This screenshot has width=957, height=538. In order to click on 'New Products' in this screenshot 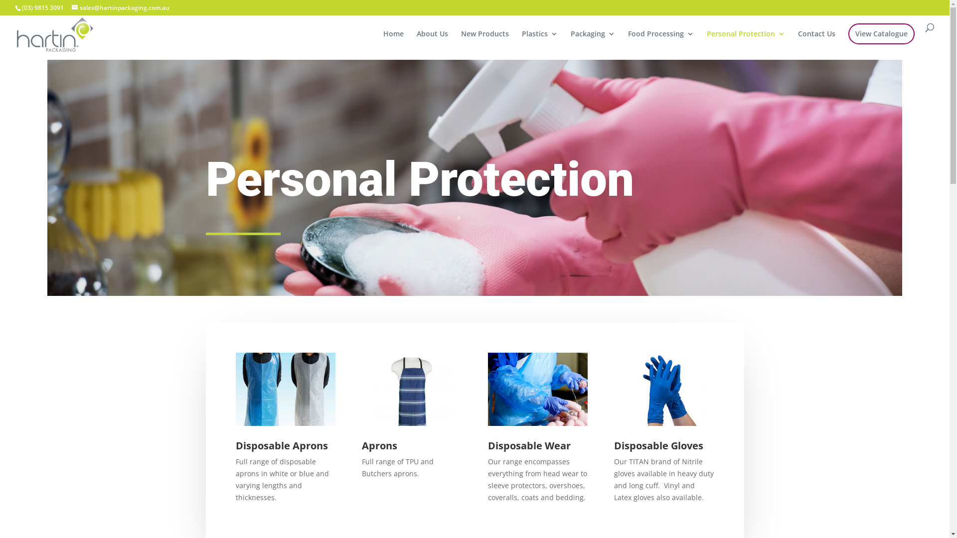, I will do `click(485, 41)`.